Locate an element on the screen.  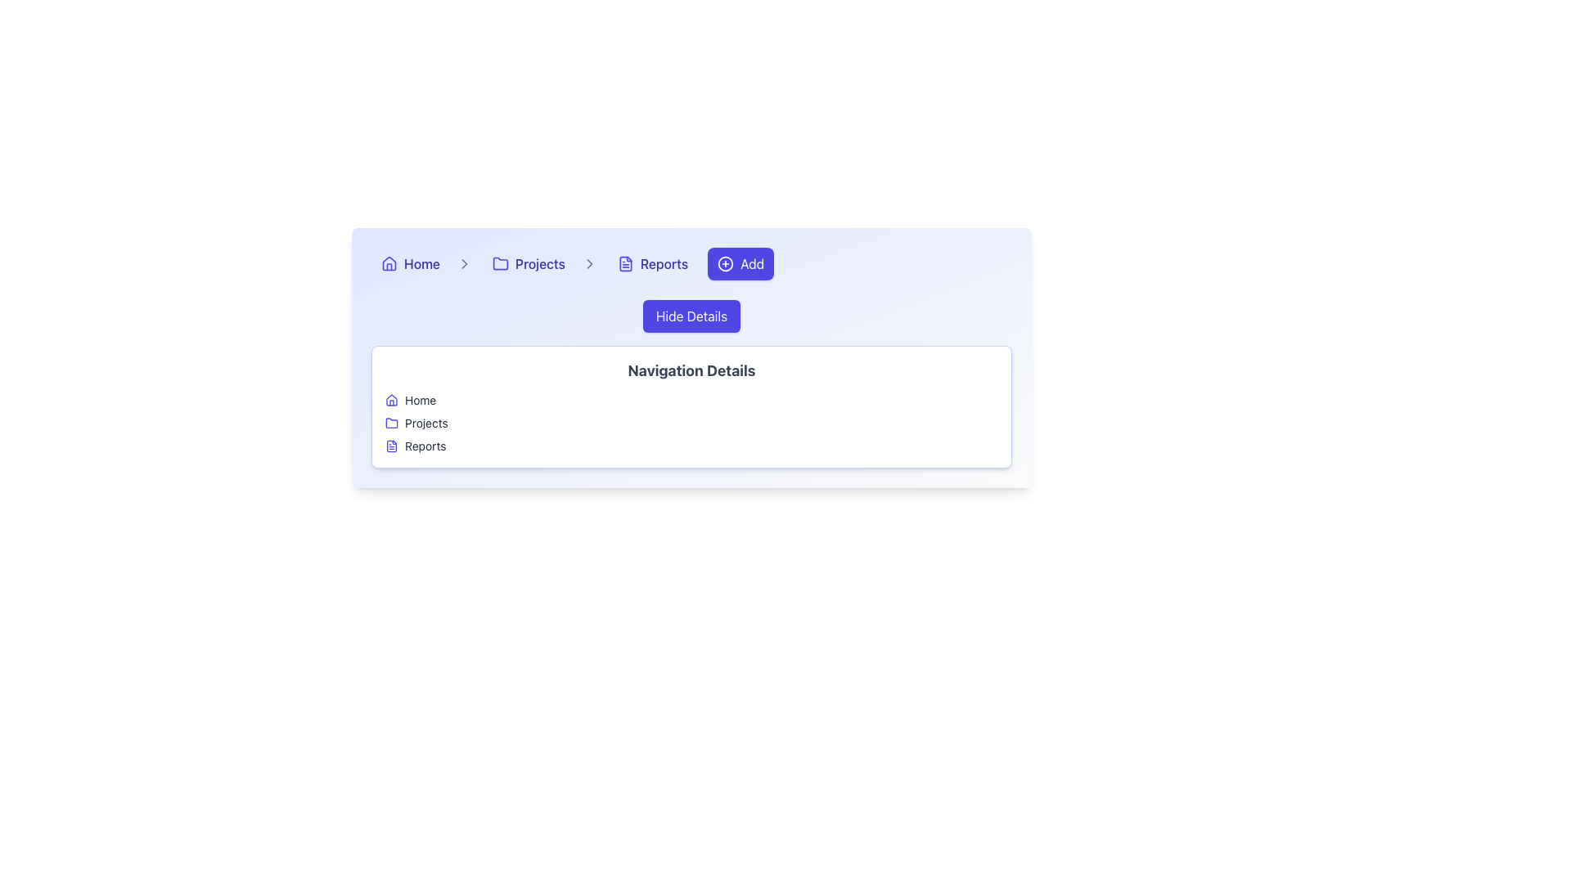
the purple document icon in the 'Reports' section is located at coordinates (391, 446).